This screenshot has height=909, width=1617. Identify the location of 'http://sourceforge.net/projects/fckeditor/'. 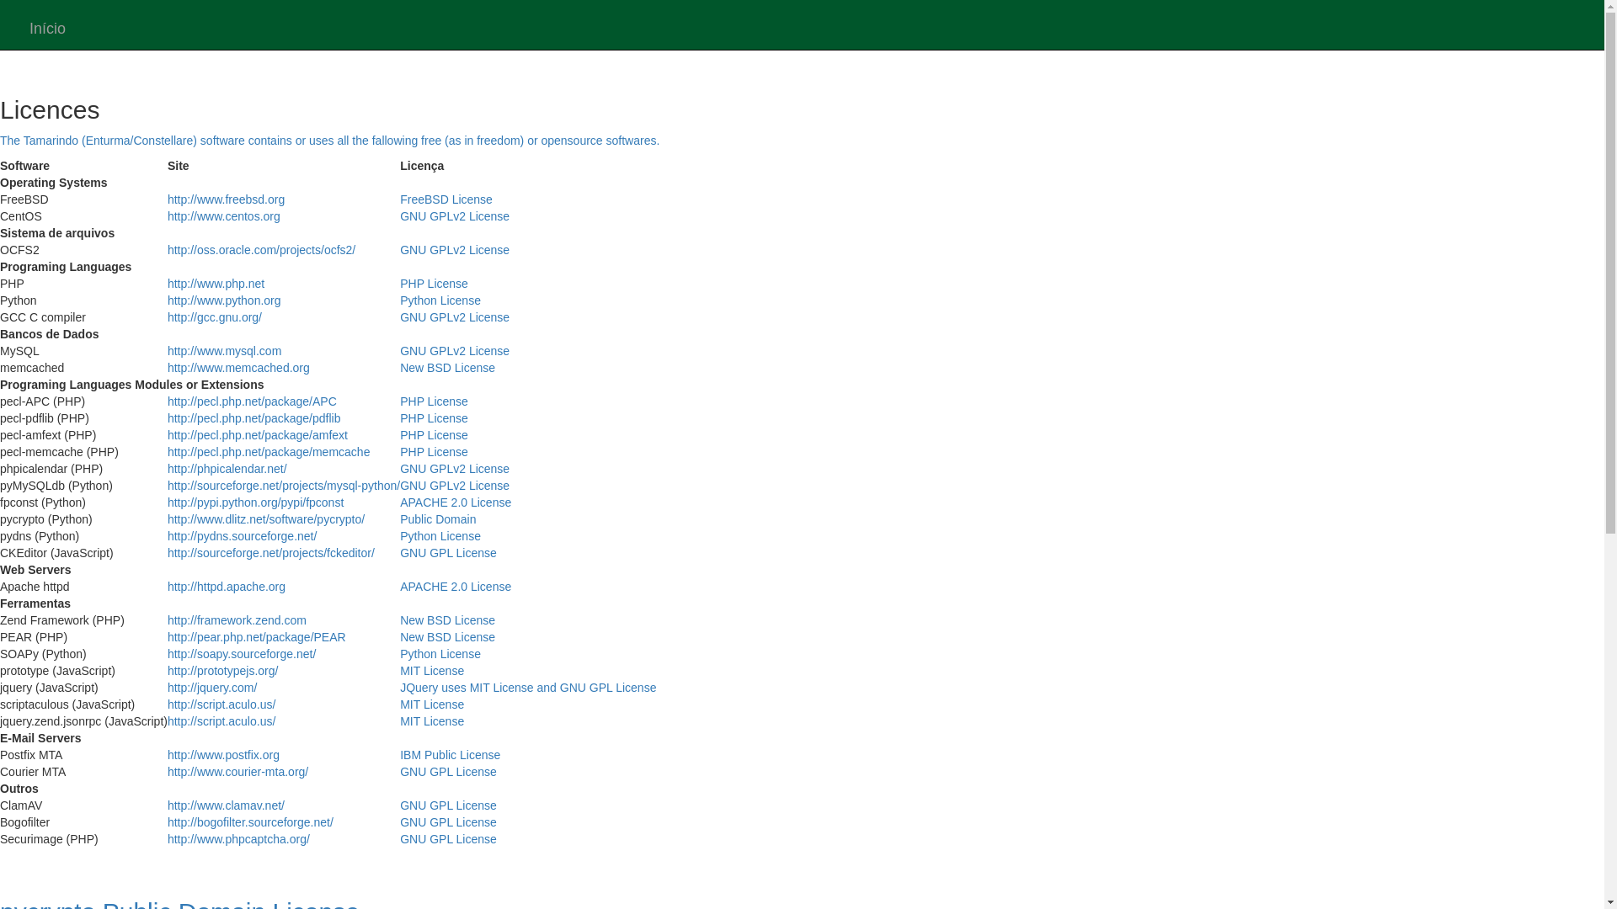
(270, 552).